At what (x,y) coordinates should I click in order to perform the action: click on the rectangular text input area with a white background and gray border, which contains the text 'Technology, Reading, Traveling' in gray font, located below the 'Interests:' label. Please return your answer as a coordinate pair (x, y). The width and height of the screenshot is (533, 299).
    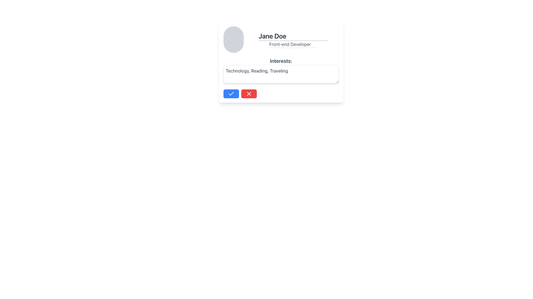
    Looking at the image, I should click on (281, 74).